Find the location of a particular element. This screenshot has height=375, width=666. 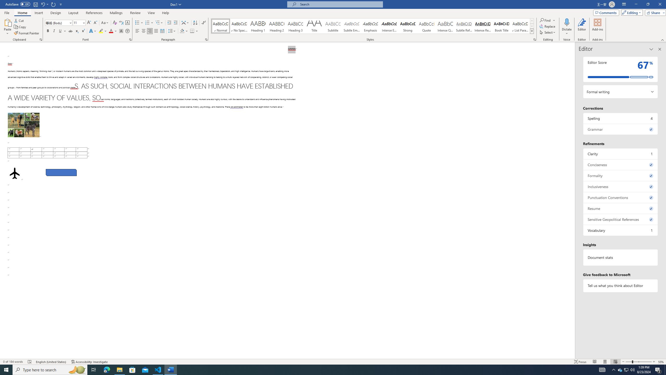

'Airplane with solid fill' is located at coordinates (15, 173).